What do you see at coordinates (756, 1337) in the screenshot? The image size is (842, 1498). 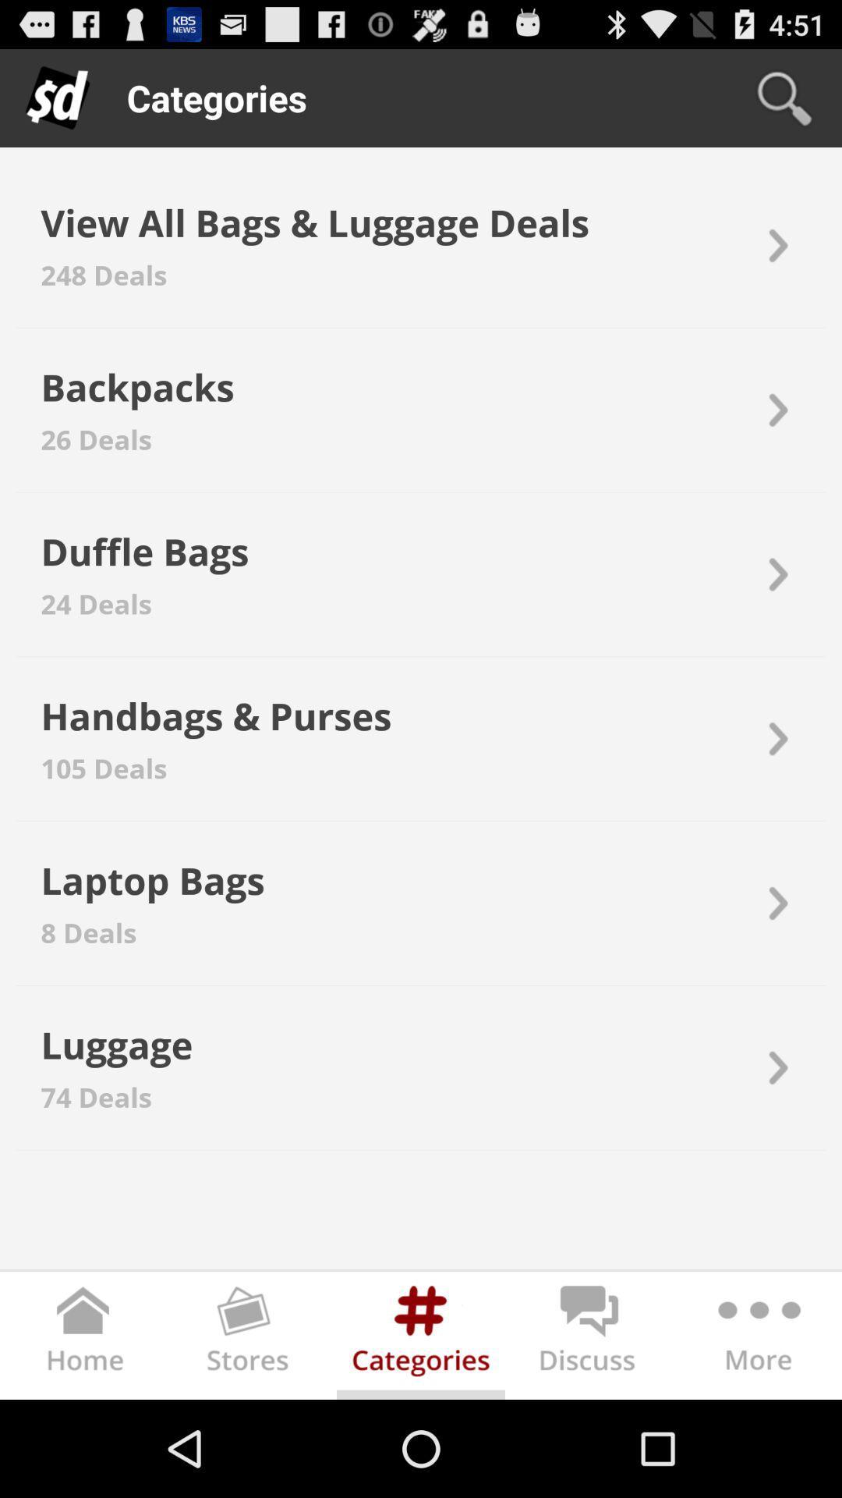 I see `more` at bounding box center [756, 1337].